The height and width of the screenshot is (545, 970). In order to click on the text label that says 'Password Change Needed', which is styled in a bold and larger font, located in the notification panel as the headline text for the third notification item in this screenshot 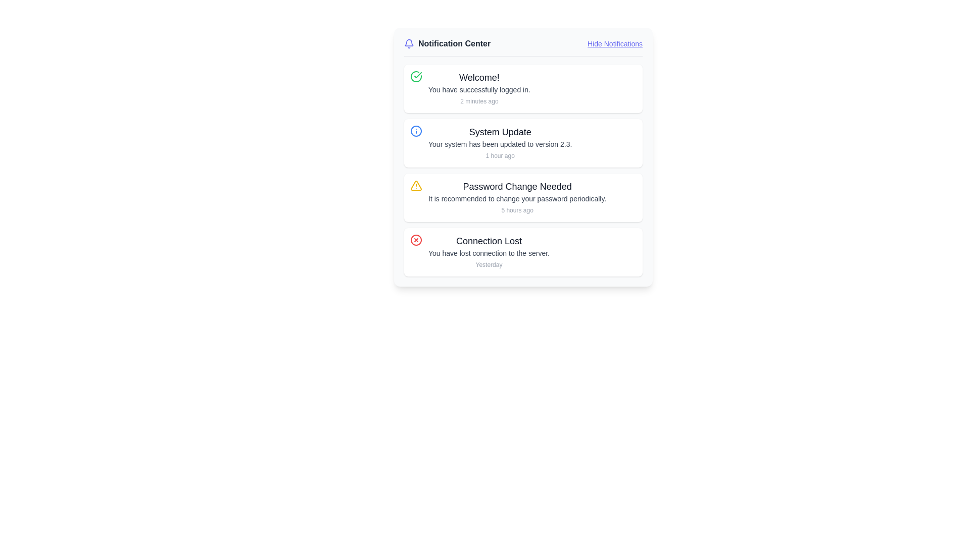, I will do `click(517, 187)`.